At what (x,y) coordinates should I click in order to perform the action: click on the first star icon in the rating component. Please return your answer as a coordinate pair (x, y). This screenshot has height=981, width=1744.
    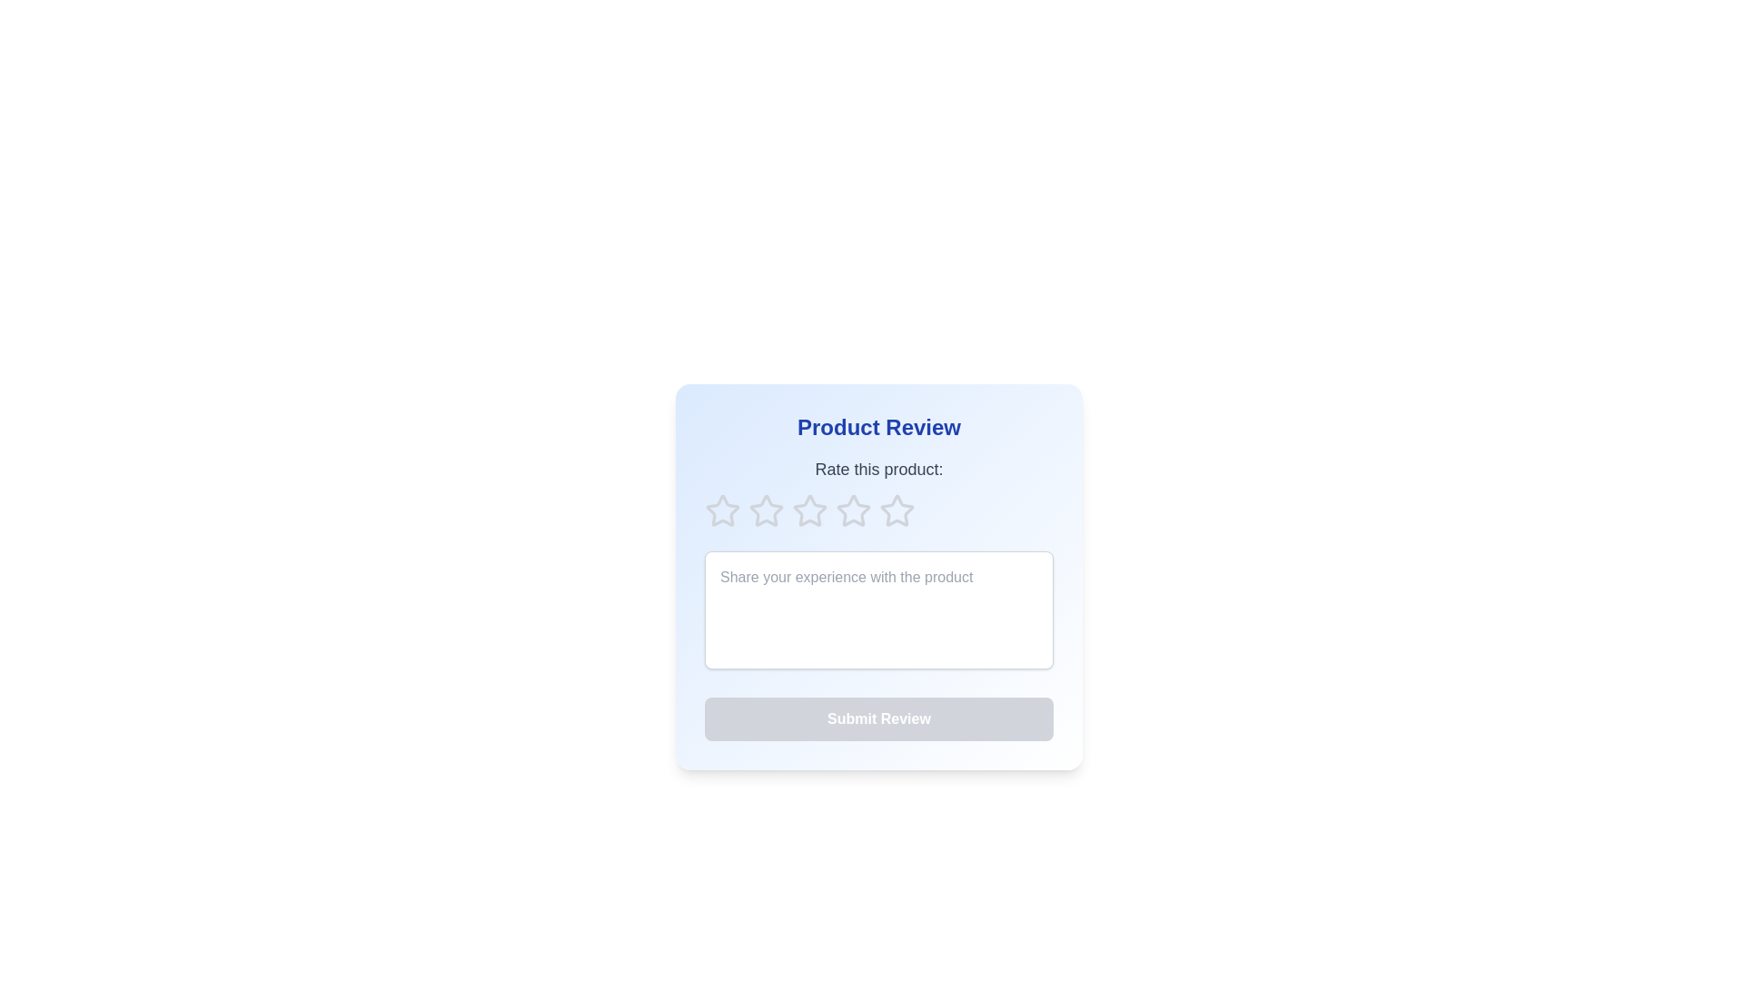
    Looking at the image, I should click on (722, 510).